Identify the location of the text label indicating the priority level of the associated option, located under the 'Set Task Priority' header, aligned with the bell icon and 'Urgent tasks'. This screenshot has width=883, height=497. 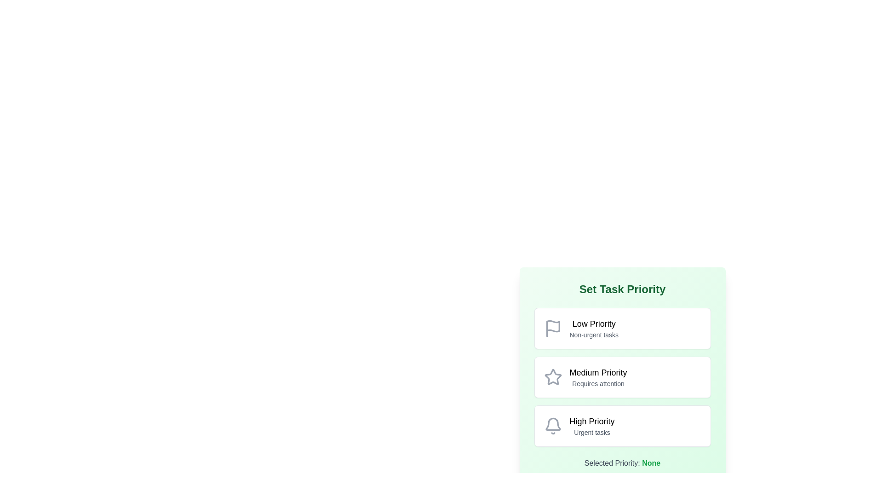
(592, 421).